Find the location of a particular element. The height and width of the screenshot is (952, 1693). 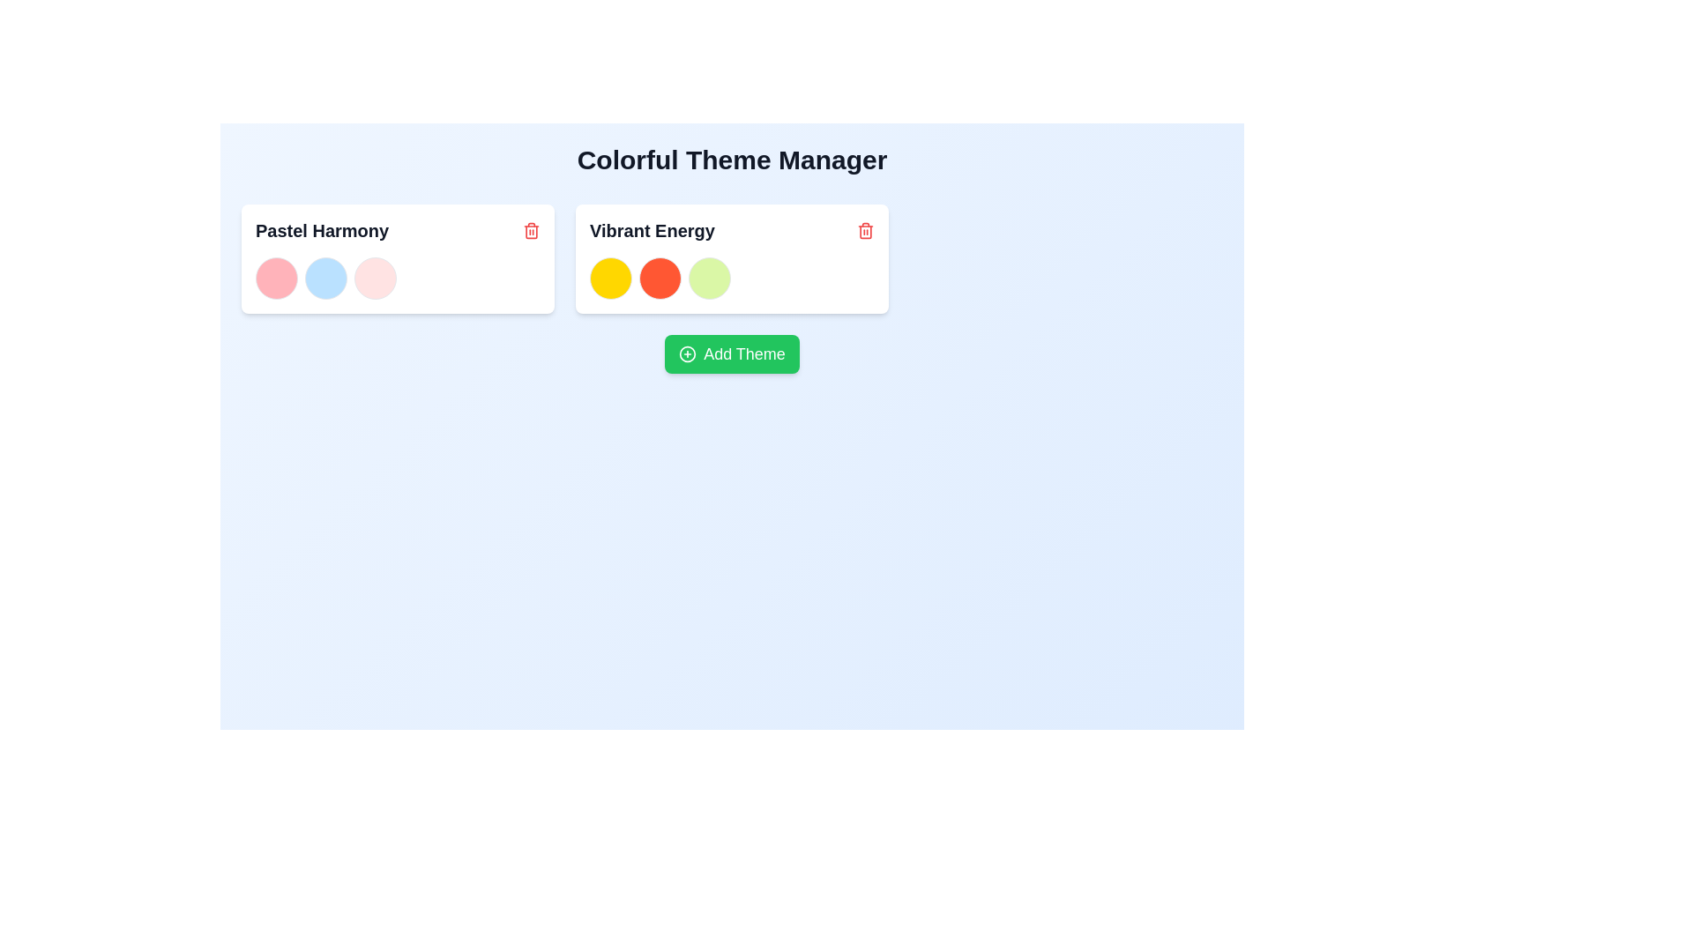

the Text label that serves as the title of the theme in the top-left section of the first theme card is located at coordinates (397, 230).